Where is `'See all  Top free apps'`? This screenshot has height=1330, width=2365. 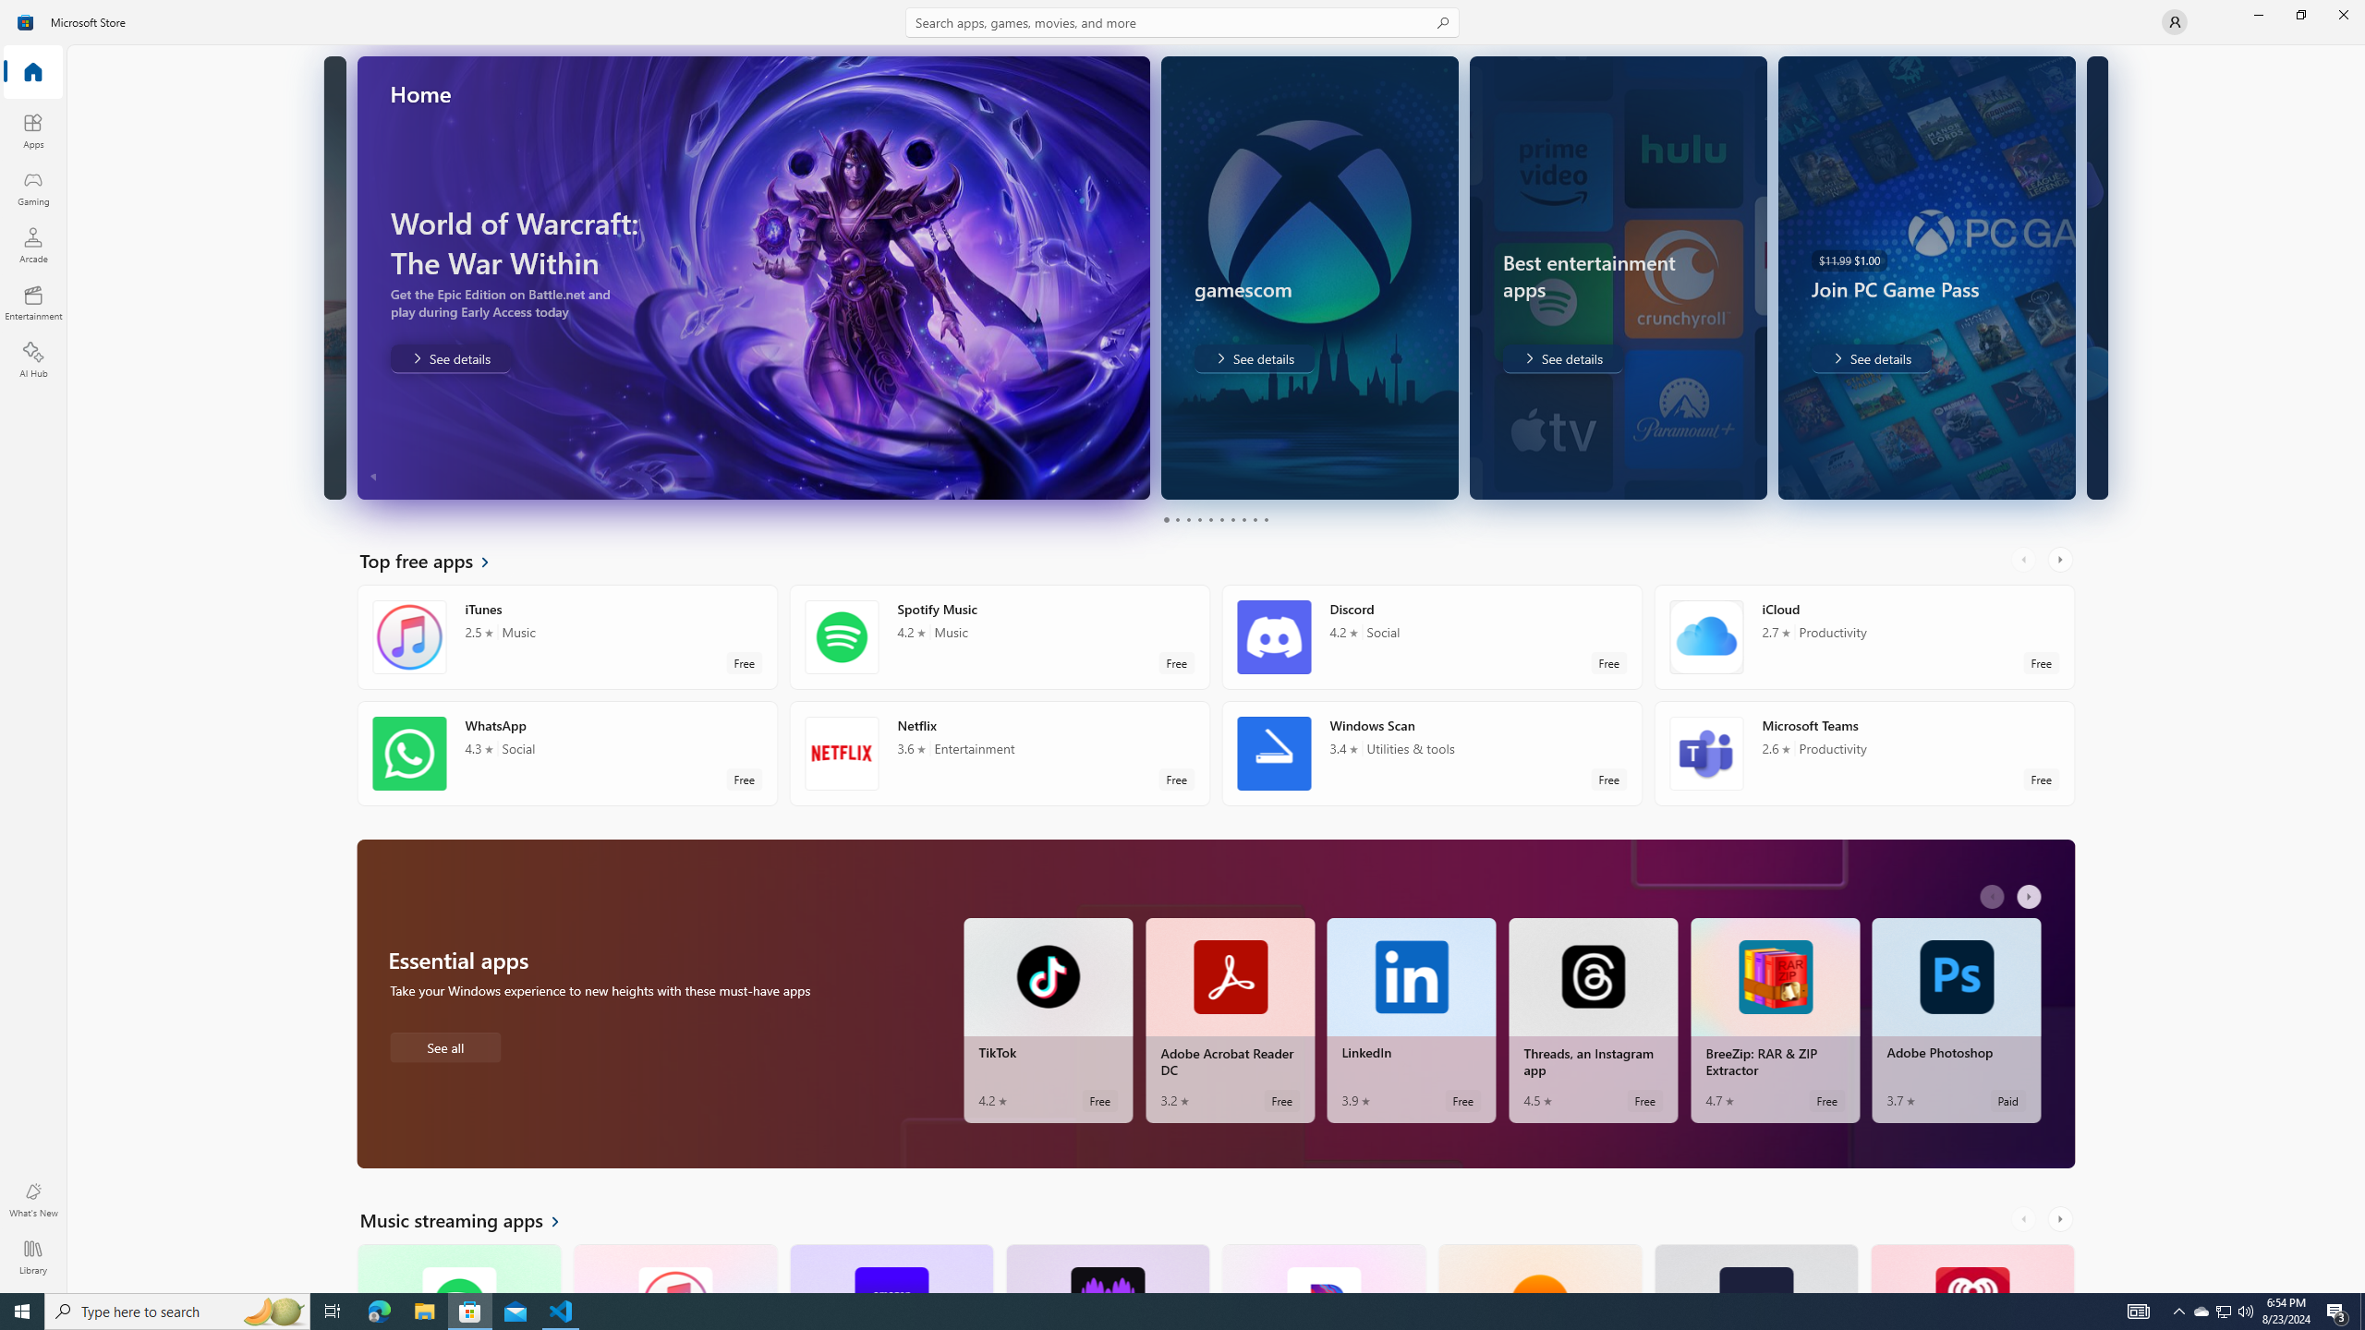 'See all  Top free apps' is located at coordinates (436, 559).